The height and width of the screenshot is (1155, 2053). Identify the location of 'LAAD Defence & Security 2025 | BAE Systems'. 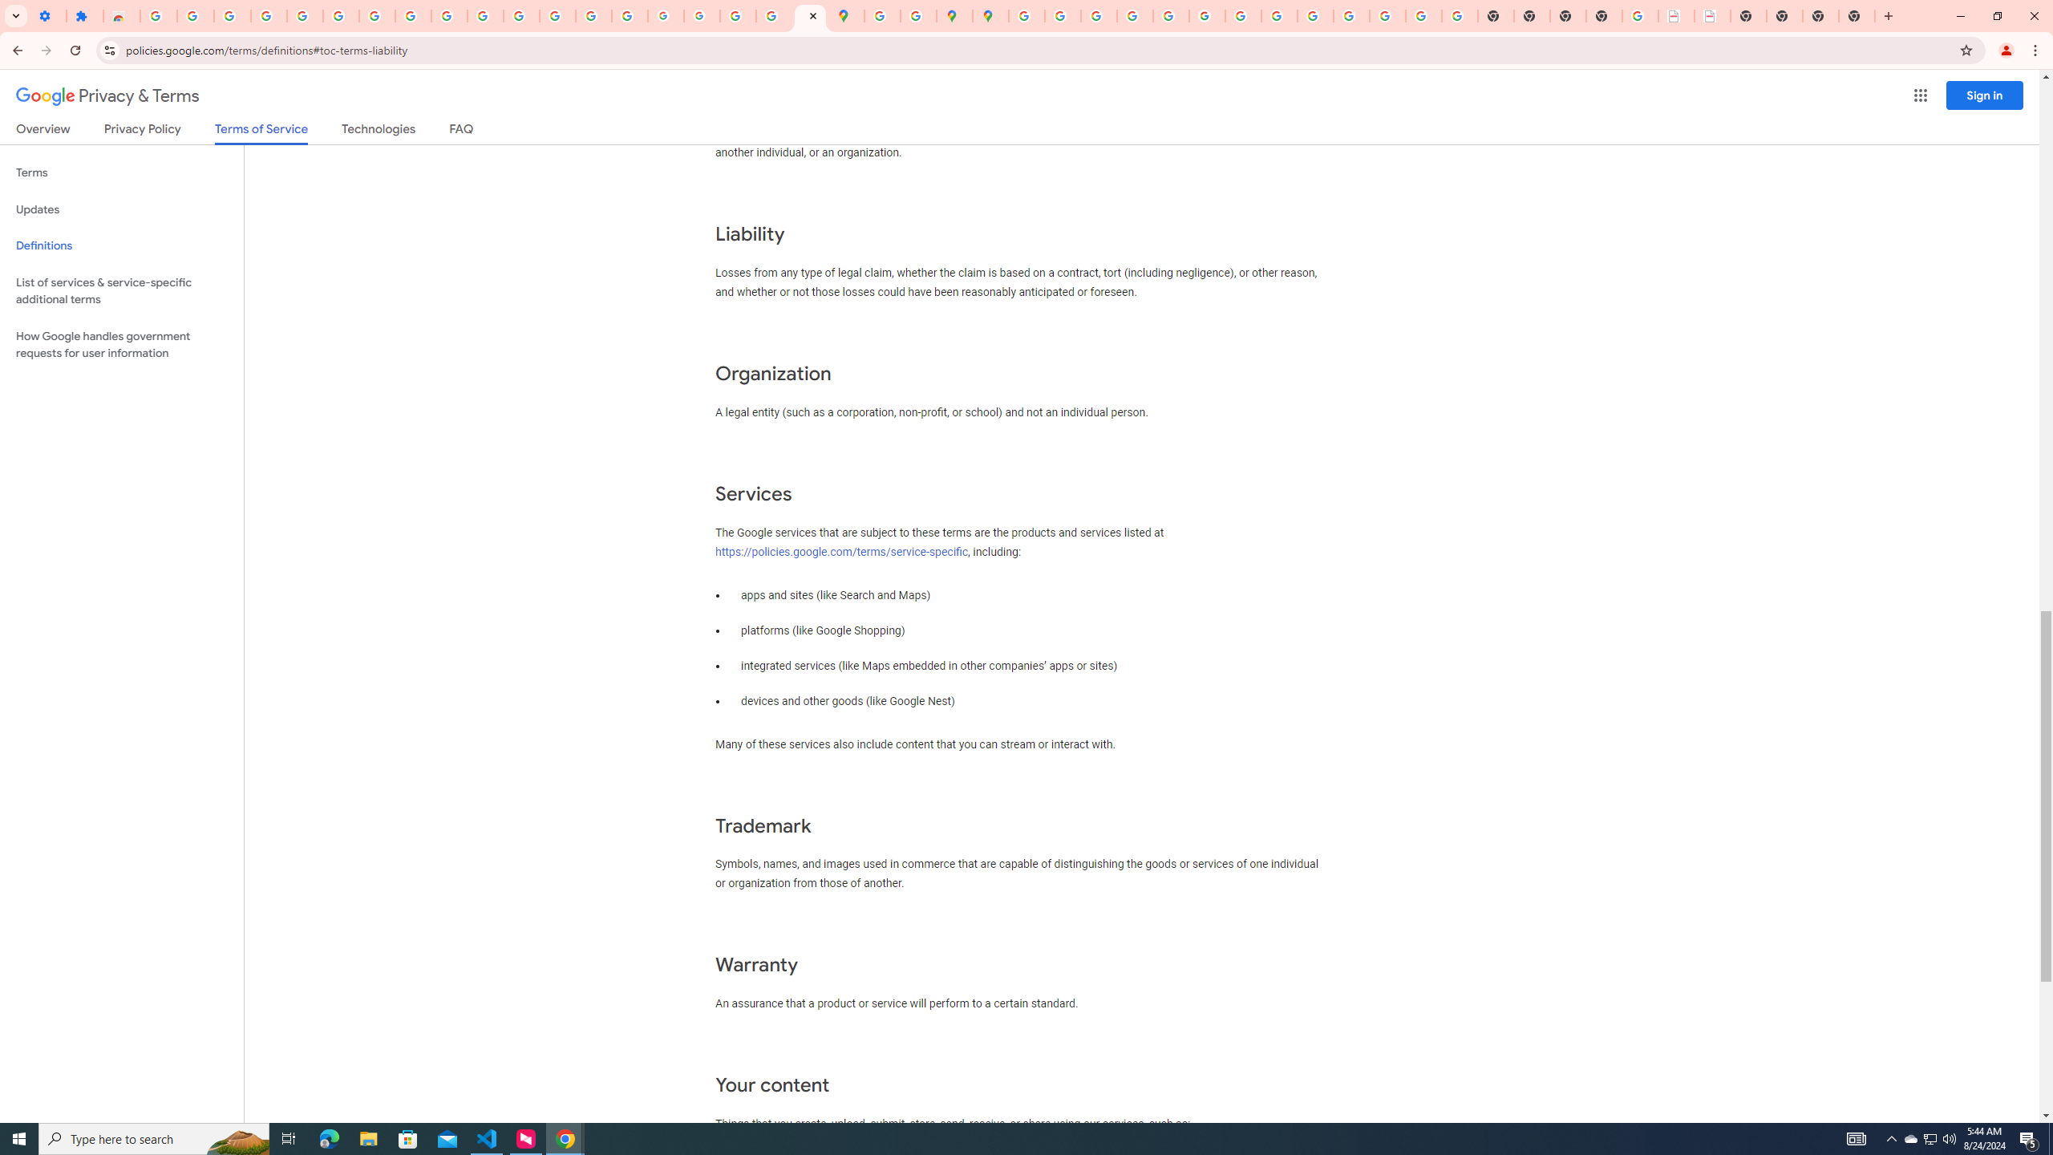
(1676, 15).